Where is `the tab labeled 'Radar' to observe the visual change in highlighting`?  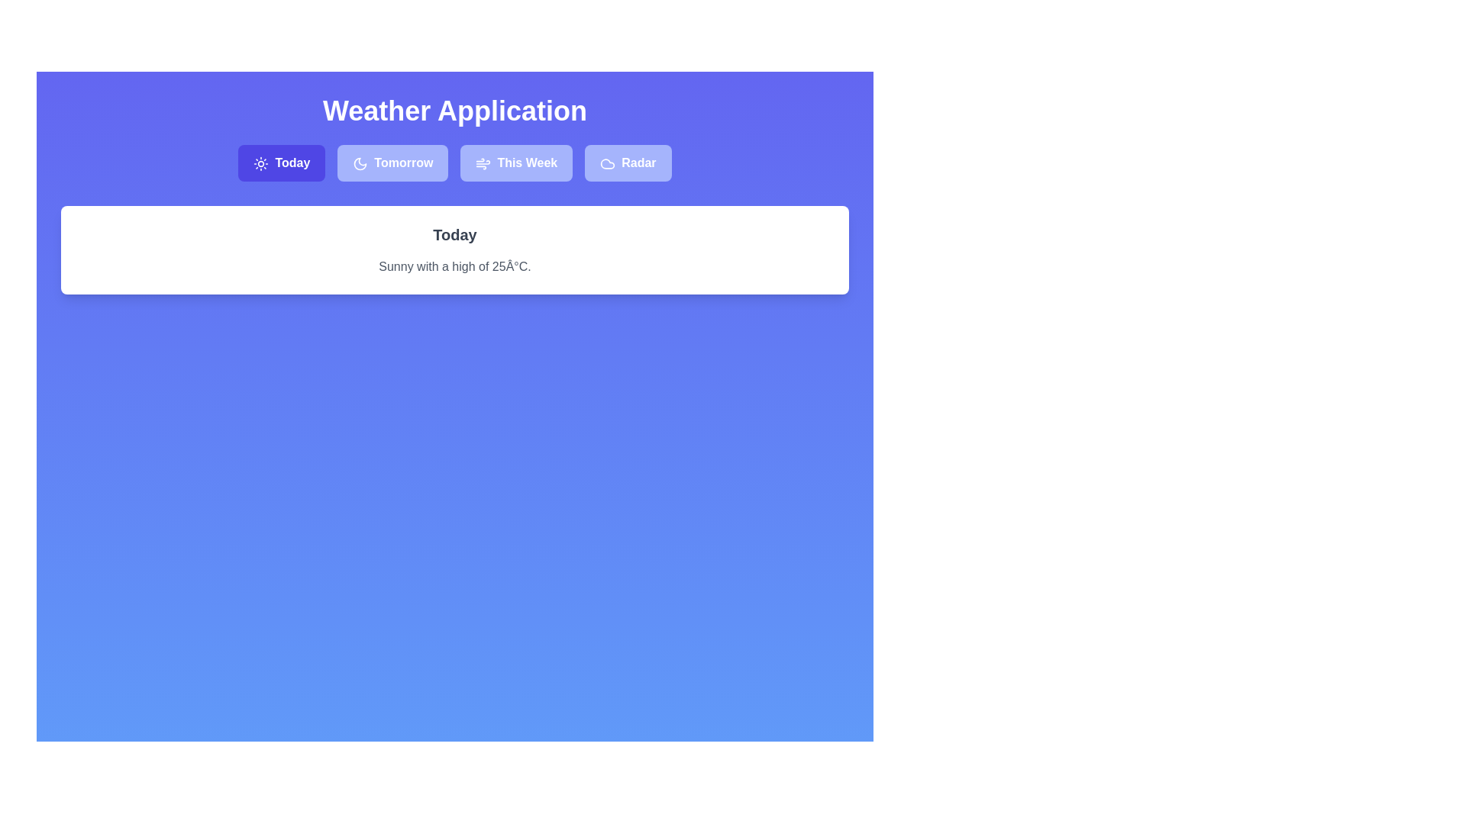
the tab labeled 'Radar' to observe the visual change in highlighting is located at coordinates (627, 163).